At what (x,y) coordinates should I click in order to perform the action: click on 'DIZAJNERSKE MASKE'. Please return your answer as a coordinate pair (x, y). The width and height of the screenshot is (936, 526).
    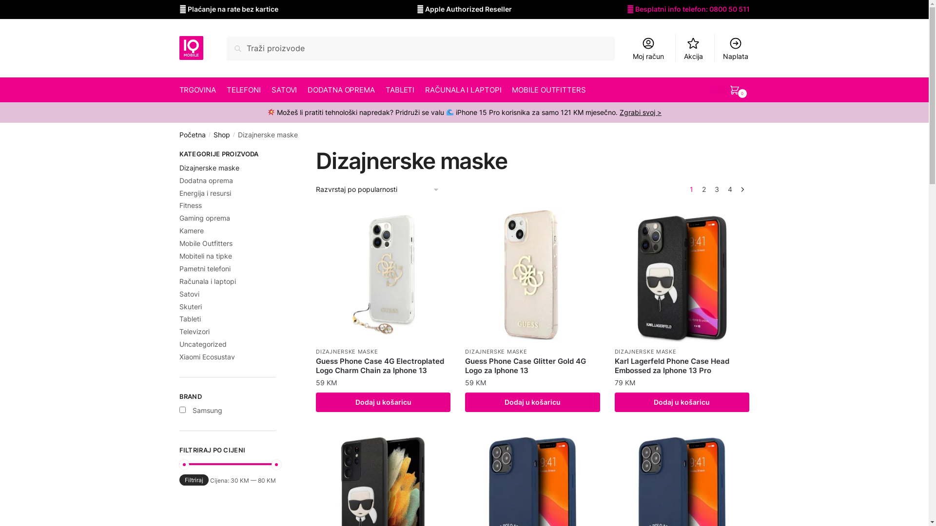
    Looking at the image, I should click on (347, 351).